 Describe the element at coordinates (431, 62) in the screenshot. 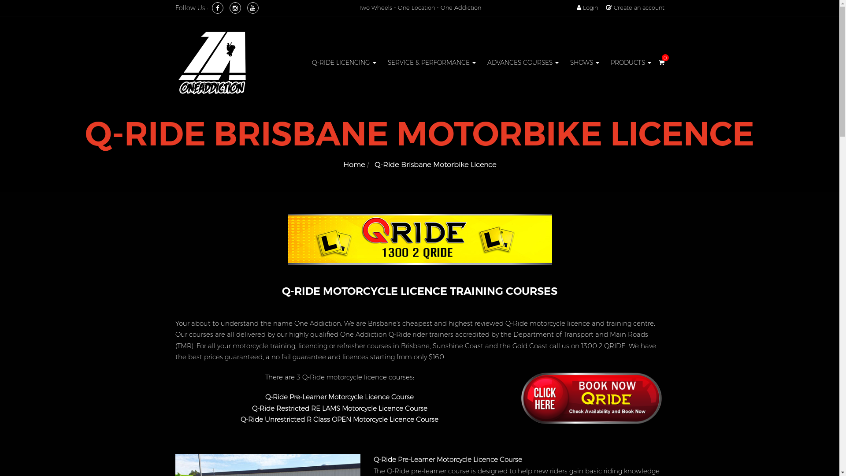

I see `'SERVICE & PERFORMANCE'` at that location.